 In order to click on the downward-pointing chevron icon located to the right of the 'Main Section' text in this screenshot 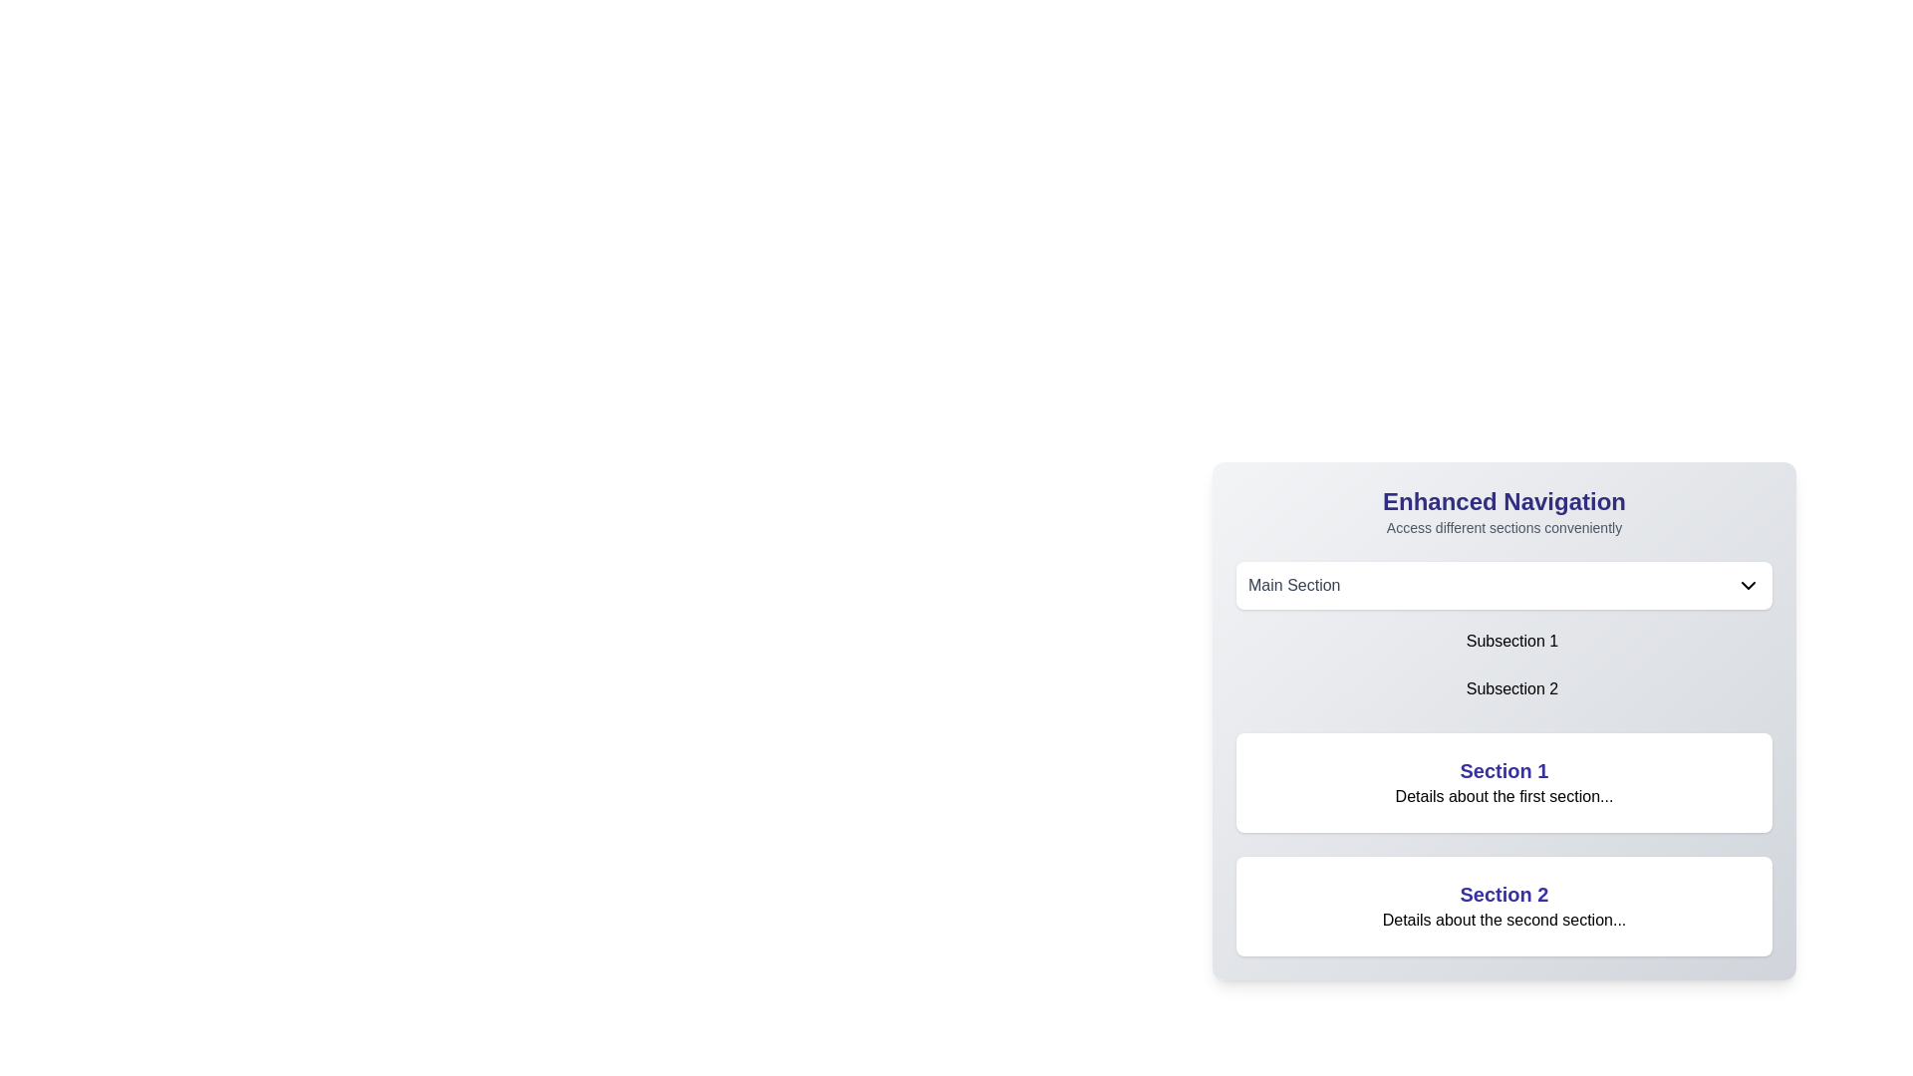, I will do `click(1748, 584)`.